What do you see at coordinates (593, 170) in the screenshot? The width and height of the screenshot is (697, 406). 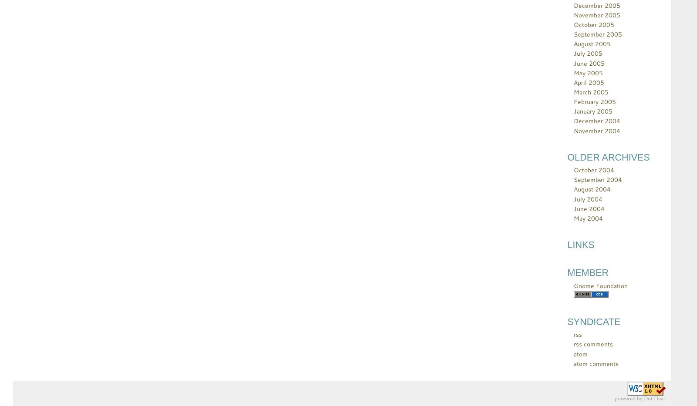 I see `'October 2004'` at bounding box center [593, 170].